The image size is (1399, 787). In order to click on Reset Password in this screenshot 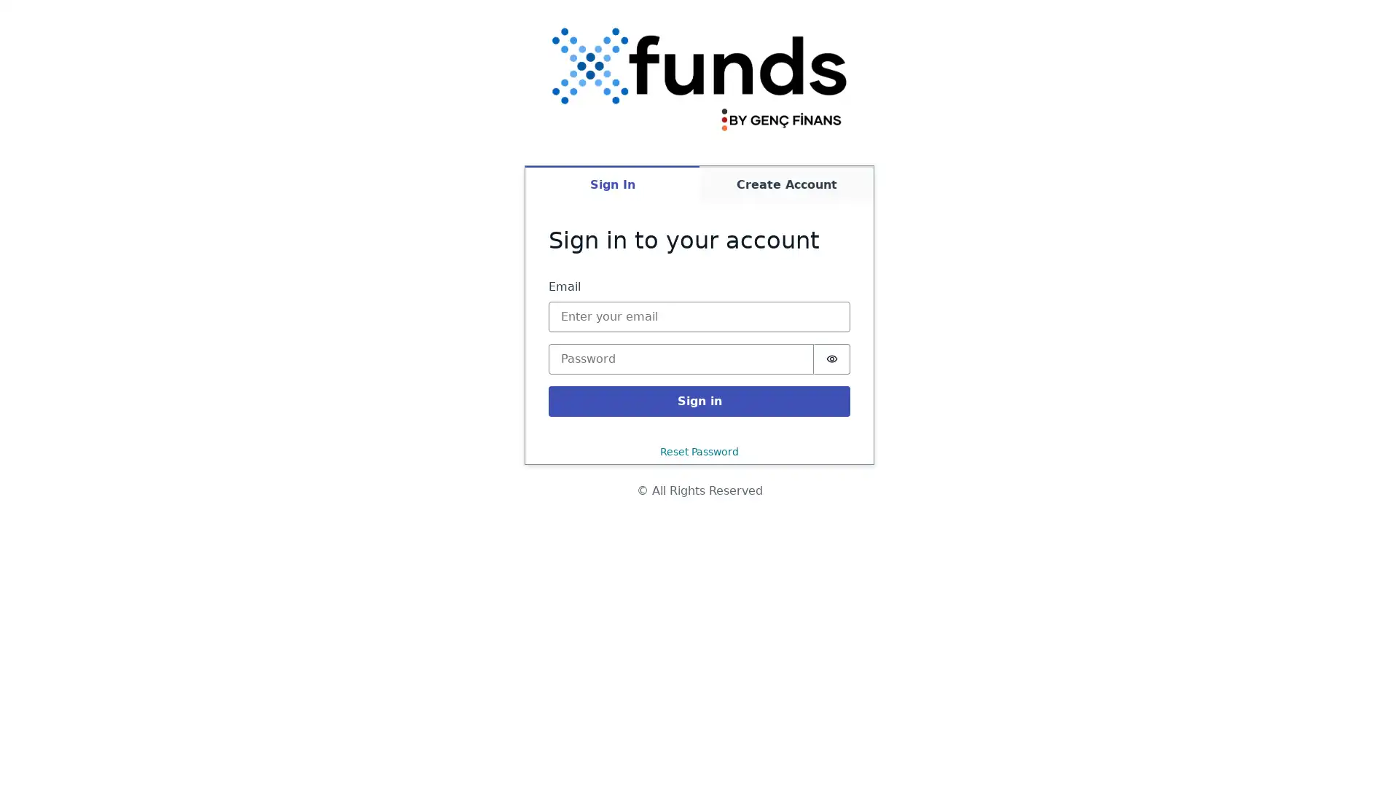, I will do `click(699, 450)`.